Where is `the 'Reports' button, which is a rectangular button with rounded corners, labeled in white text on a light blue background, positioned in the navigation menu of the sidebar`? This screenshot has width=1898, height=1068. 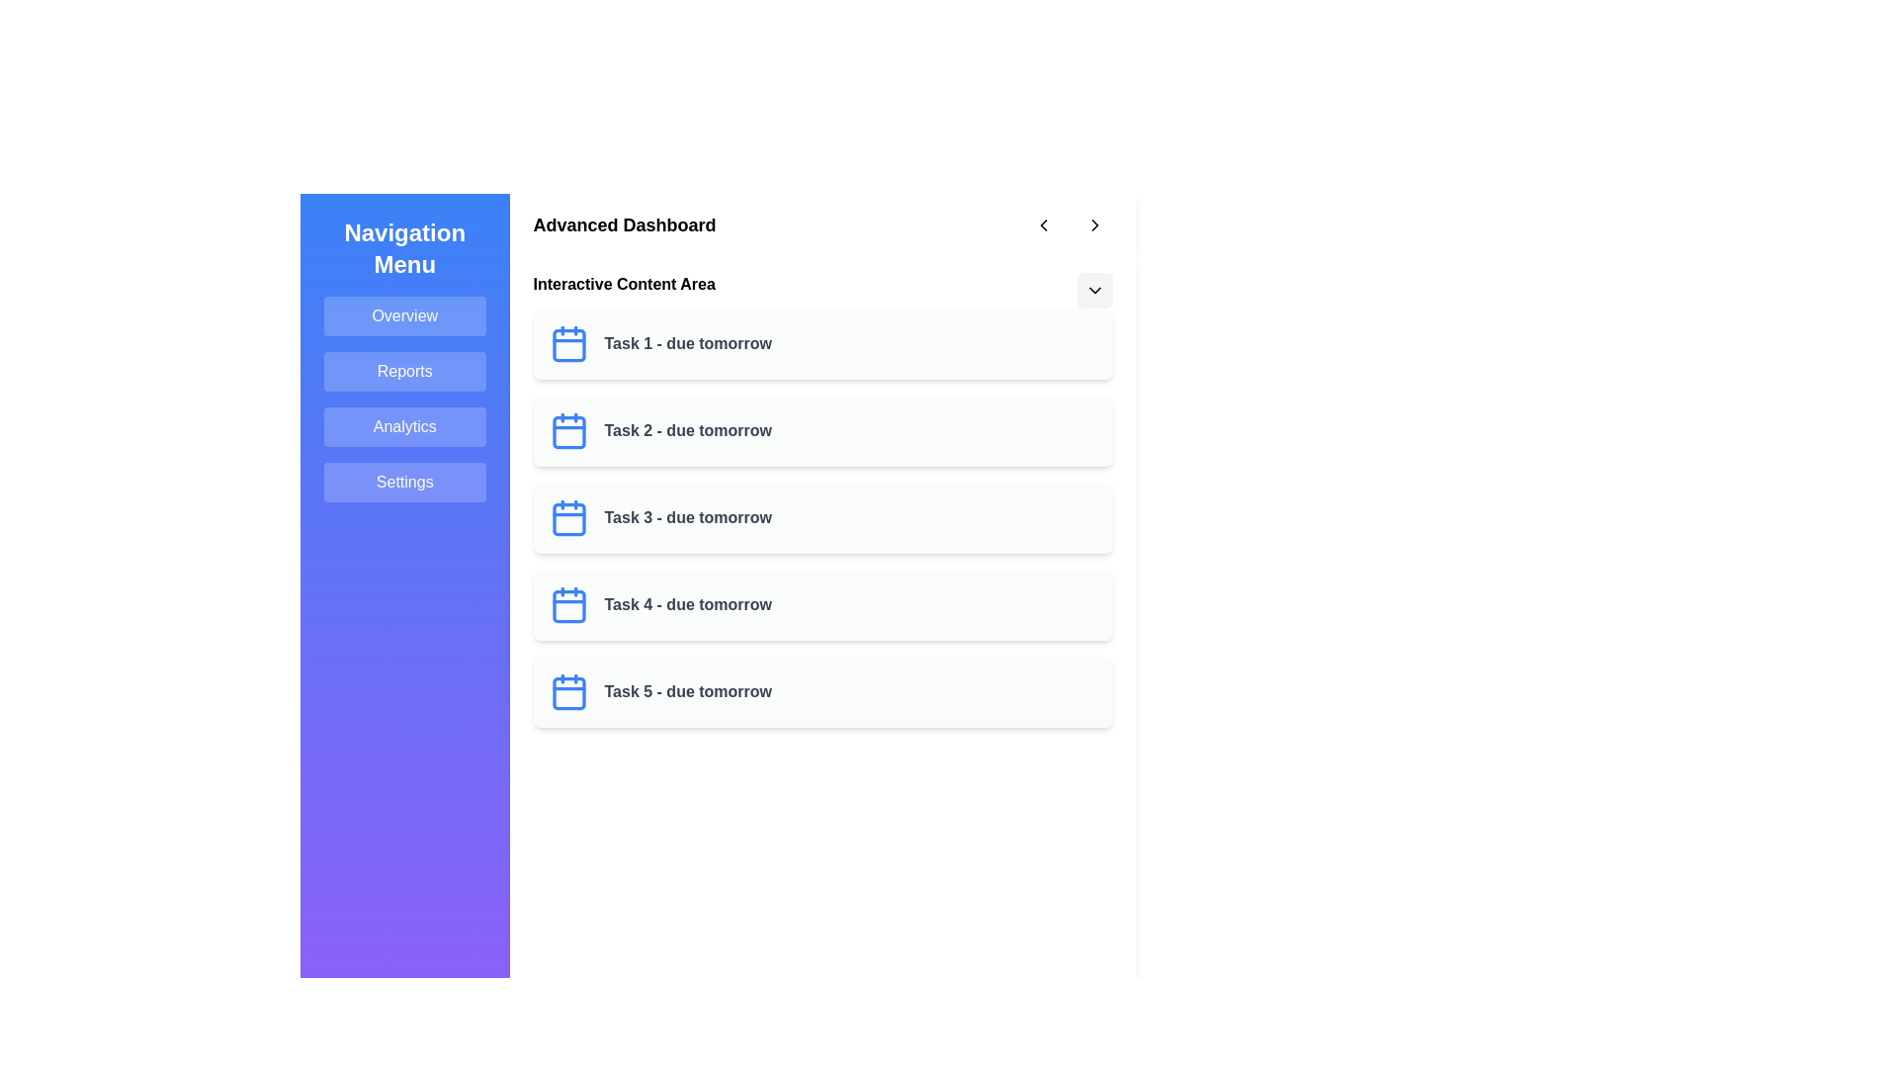
the 'Reports' button, which is a rectangular button with rounded corners, labeled in white text on a light blue background, positioned in the navigation menu of the sidebar is located at coordinates (403, 371).